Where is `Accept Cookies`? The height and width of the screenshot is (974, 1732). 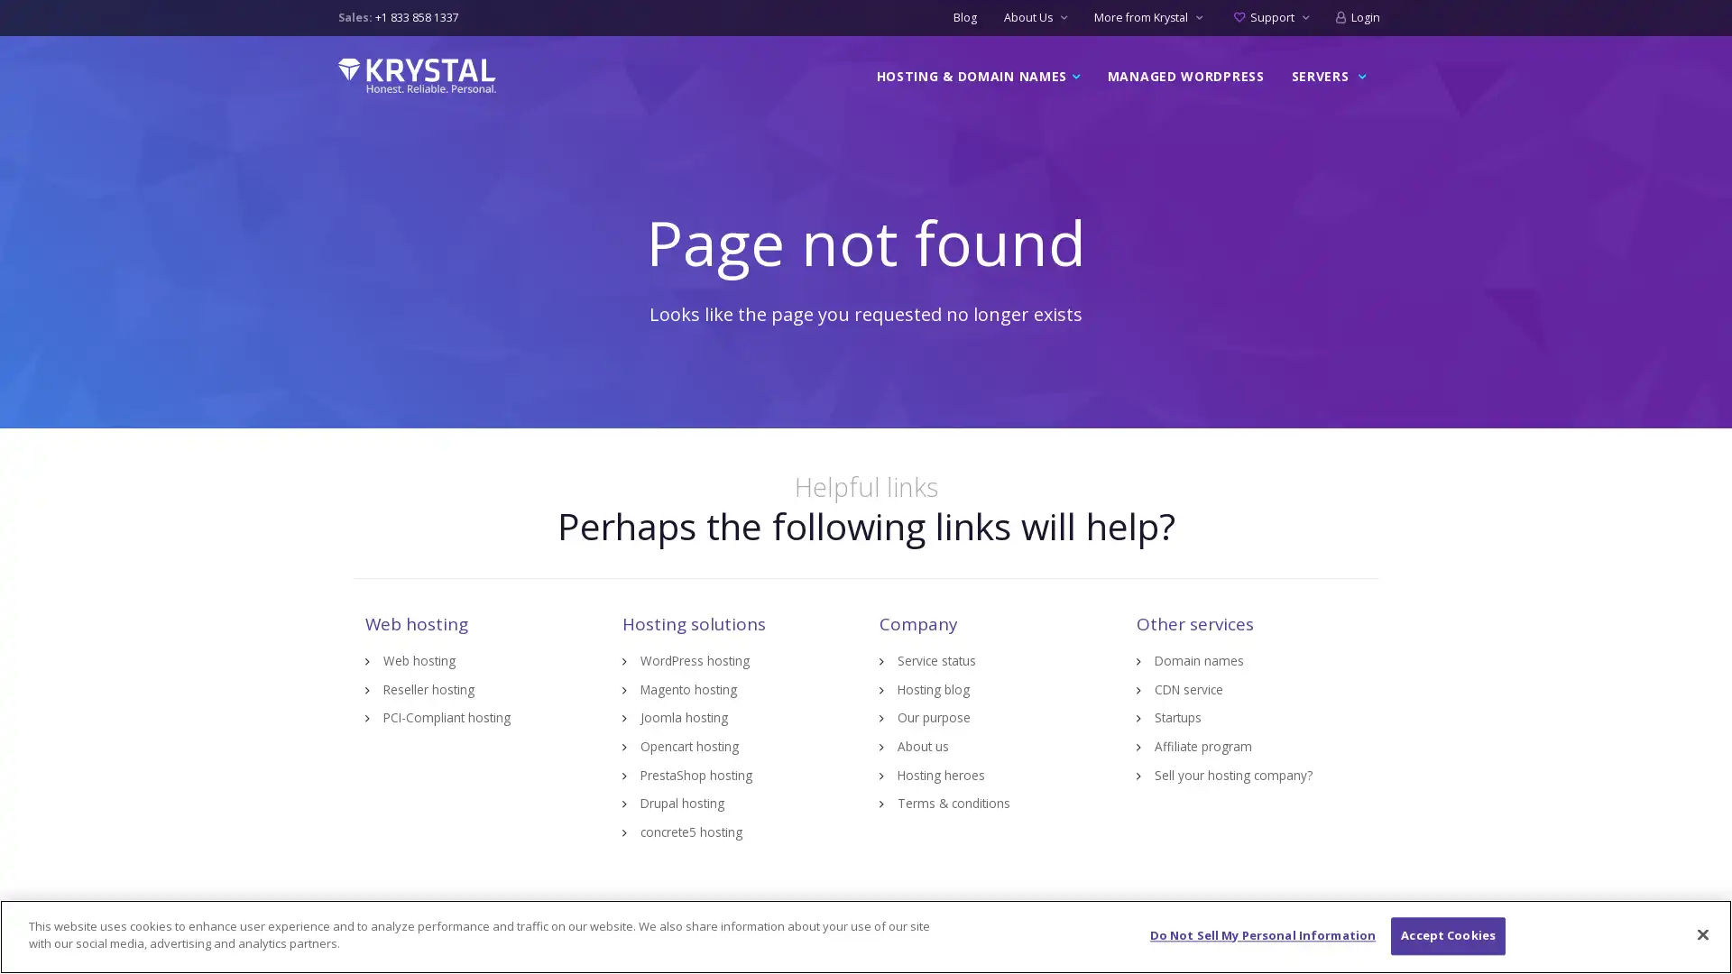
Accept Cookies is located at coordinates (1448, 934).